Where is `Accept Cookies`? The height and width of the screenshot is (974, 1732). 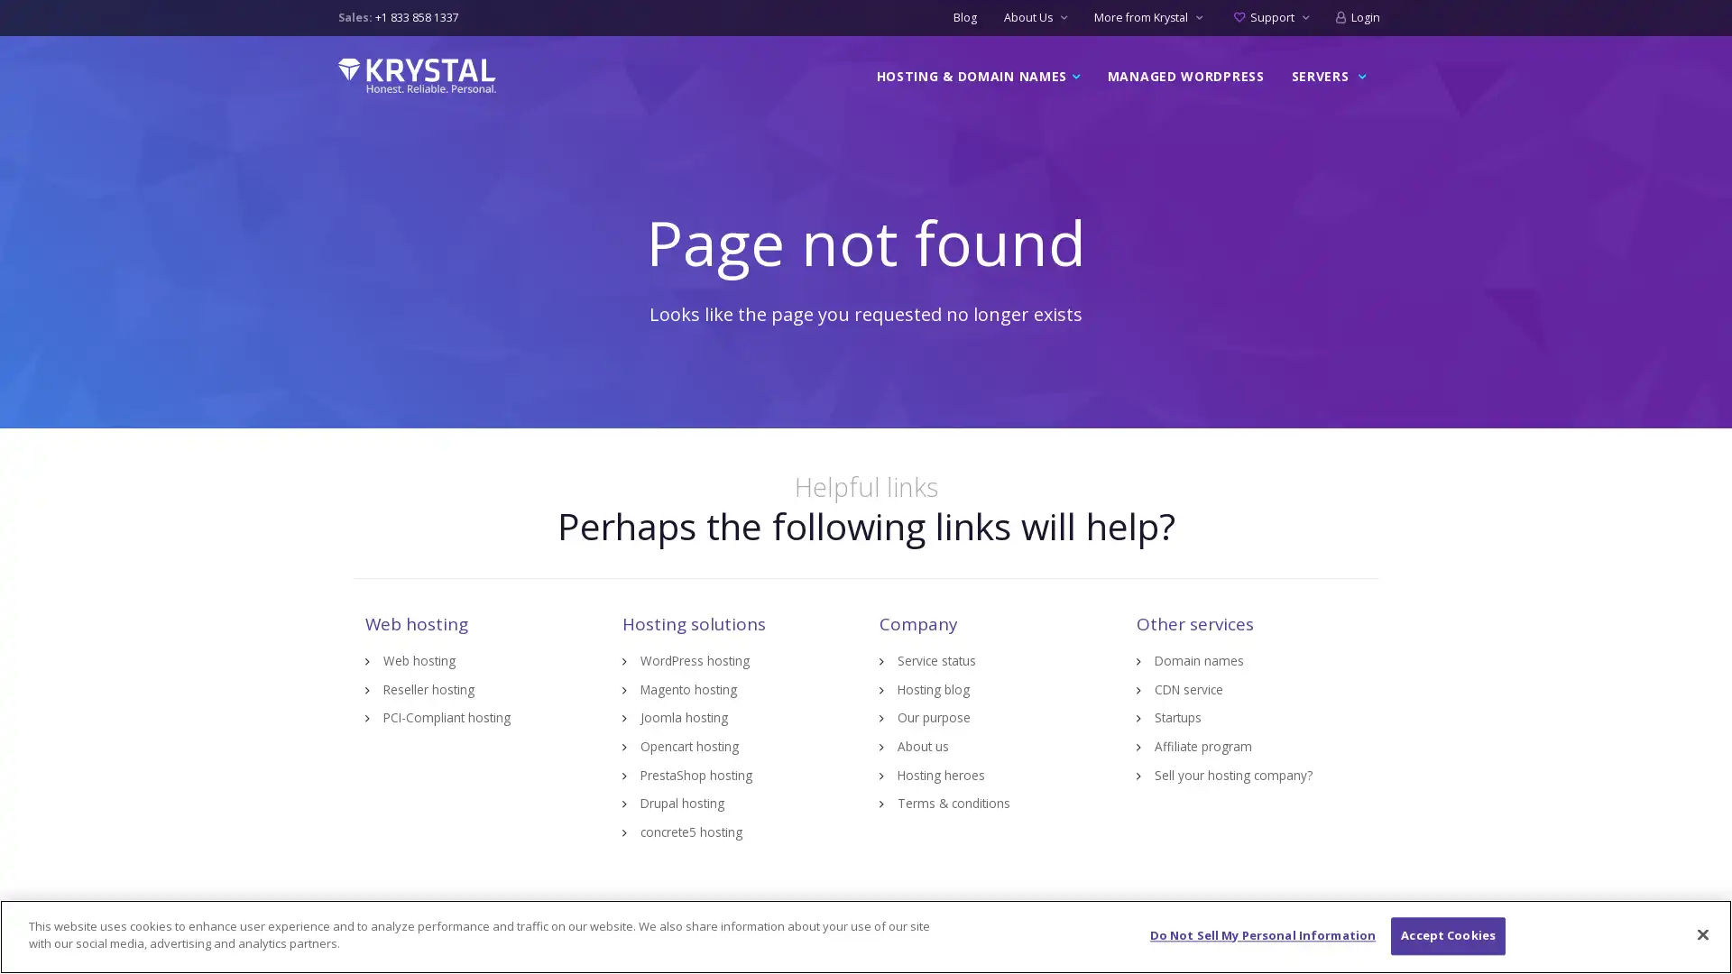
Accept Cookies is located at coordinates (1448, 934).